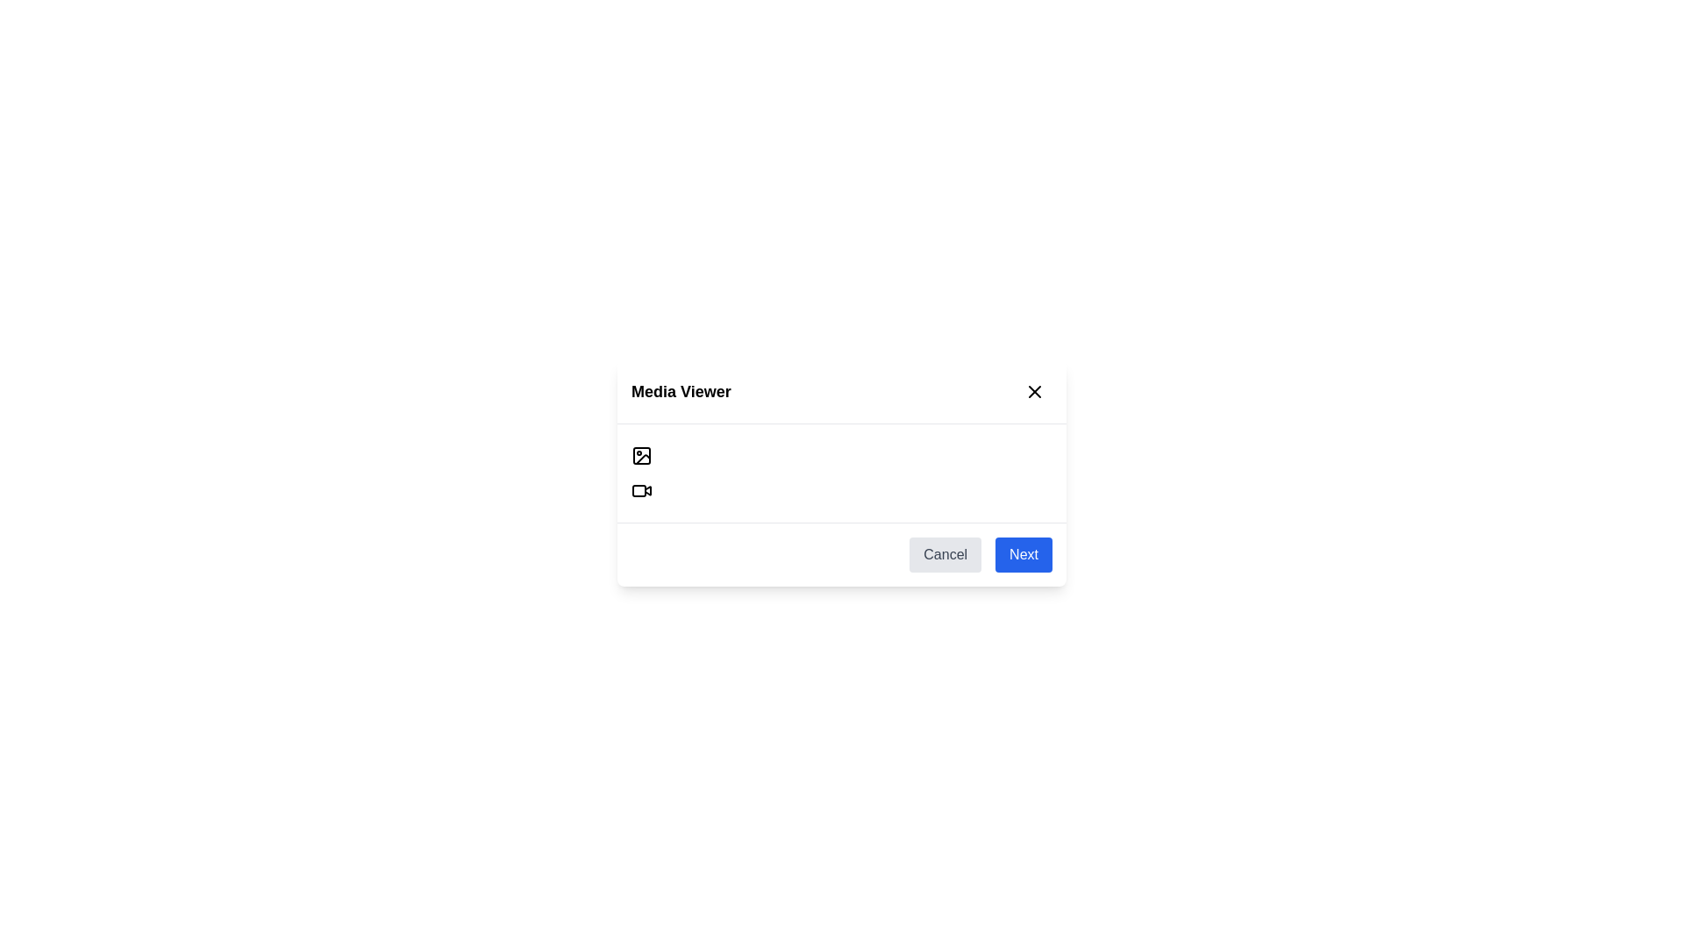 Image resolution: width=1684 pixels, height=947 pixels. What do you see at coordinates (640, 455) in the screenshot?
I see `the Icon Button resembling an image frame with a circular element inside, located in the 'Media Viewer' modal` at bounding box center [640, 455].